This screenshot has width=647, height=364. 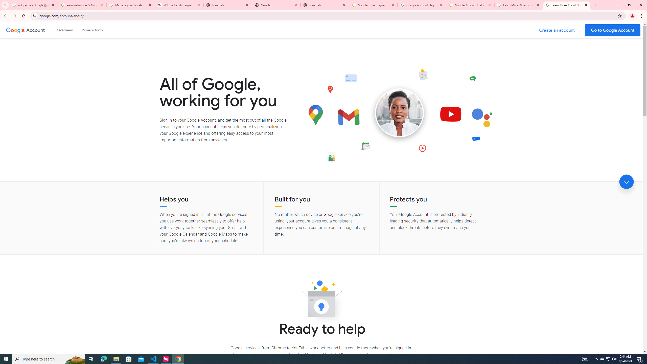 What do you see at coordinates (131, 5) in the screenshot?
I see `'Manage your Location History - Google Search Help'` at bounding box center [131, 5].